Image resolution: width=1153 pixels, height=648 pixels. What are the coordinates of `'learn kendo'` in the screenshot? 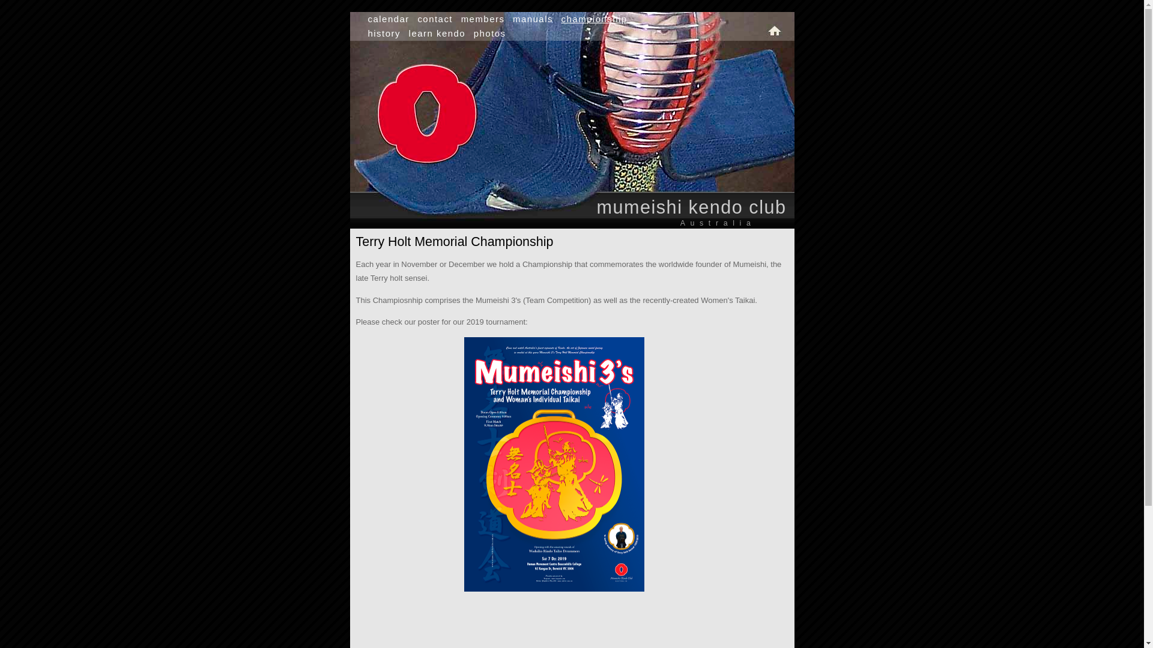 It's located at (409, 32).